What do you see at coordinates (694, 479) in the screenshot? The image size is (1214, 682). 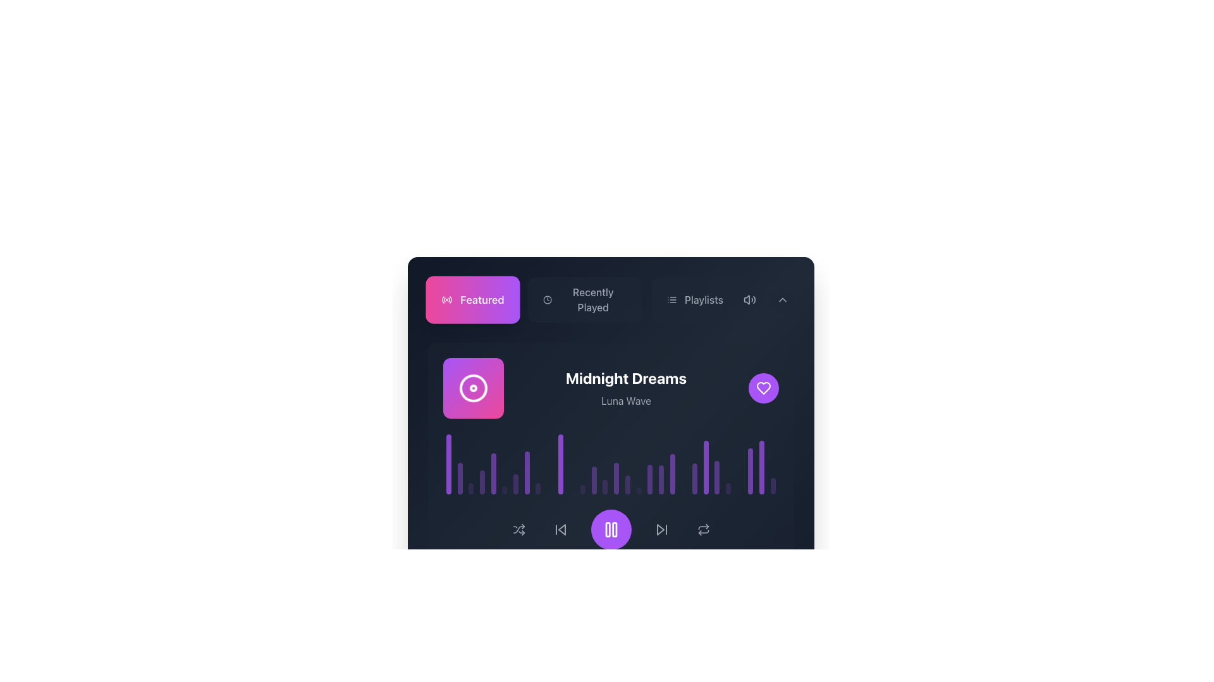 I see `the 20th vertical visual indicator bar in the audio waveform visualization, which is a thin rectangle with rounded ends and a semi-transparent purple color` at bounding box center [694, 479].